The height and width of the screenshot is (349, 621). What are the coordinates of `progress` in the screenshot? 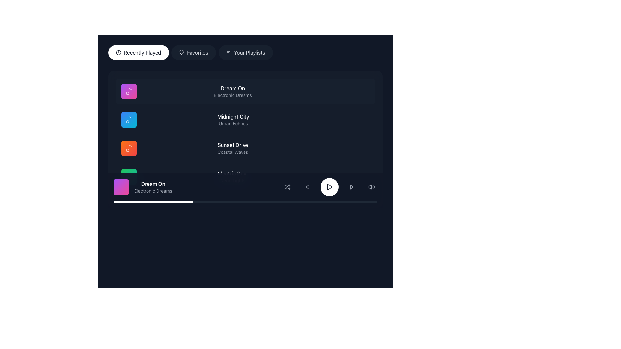 It's located at (211, 201).